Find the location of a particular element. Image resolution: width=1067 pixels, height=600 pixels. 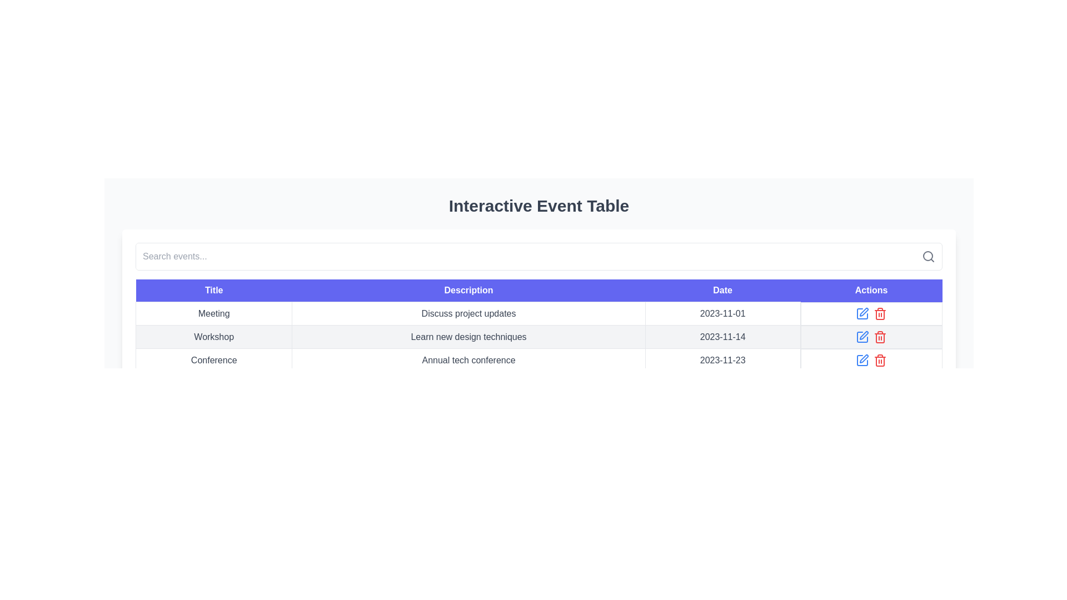

the magnifying glass icon, which symbolizes the search function is located at coordinates (928, 257).